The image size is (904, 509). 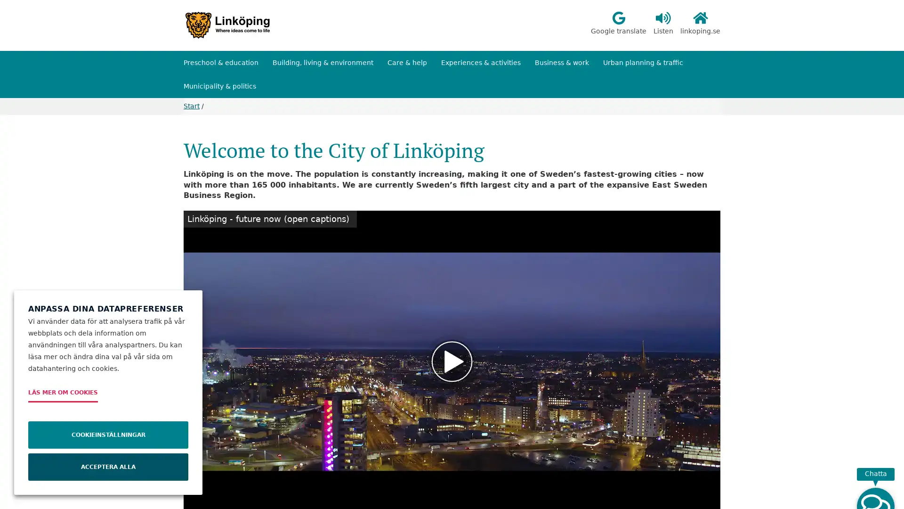 What do you see at coordinates (108, 467) in the screenshot?
I see `ACCEPTERA ALLA` at bounding box center [108, 467].